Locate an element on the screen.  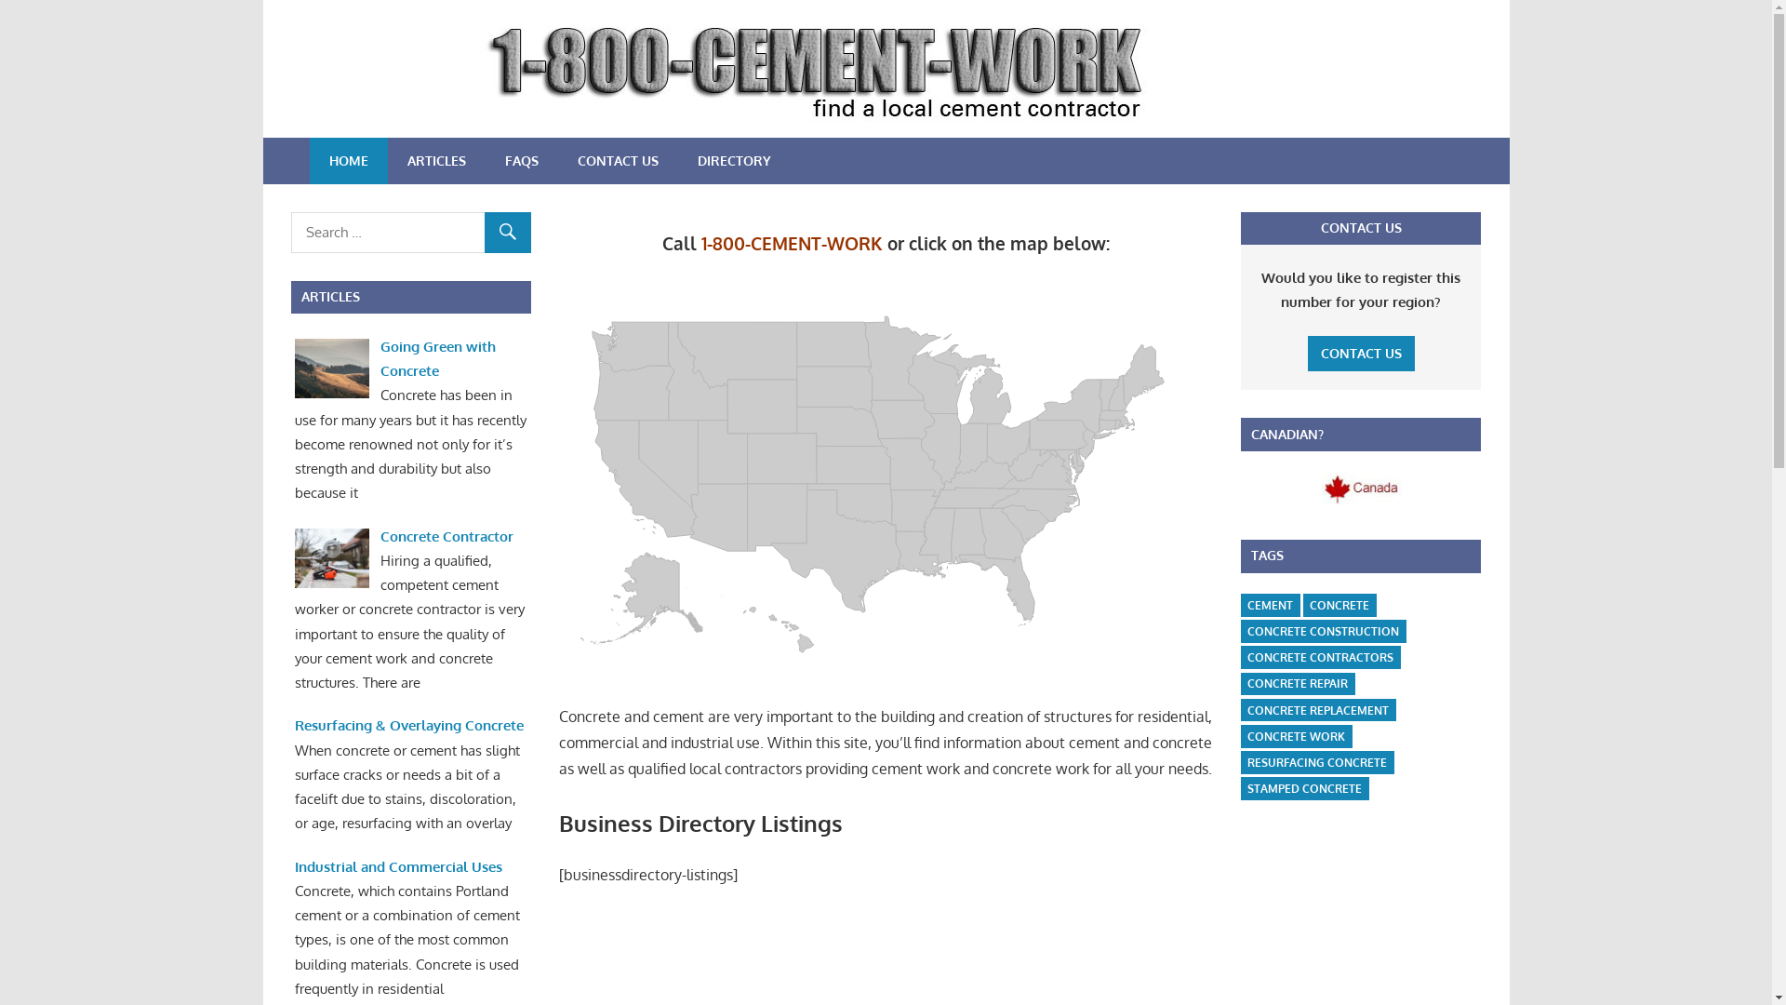
'Search for:' is located at coordinates (409, 232).